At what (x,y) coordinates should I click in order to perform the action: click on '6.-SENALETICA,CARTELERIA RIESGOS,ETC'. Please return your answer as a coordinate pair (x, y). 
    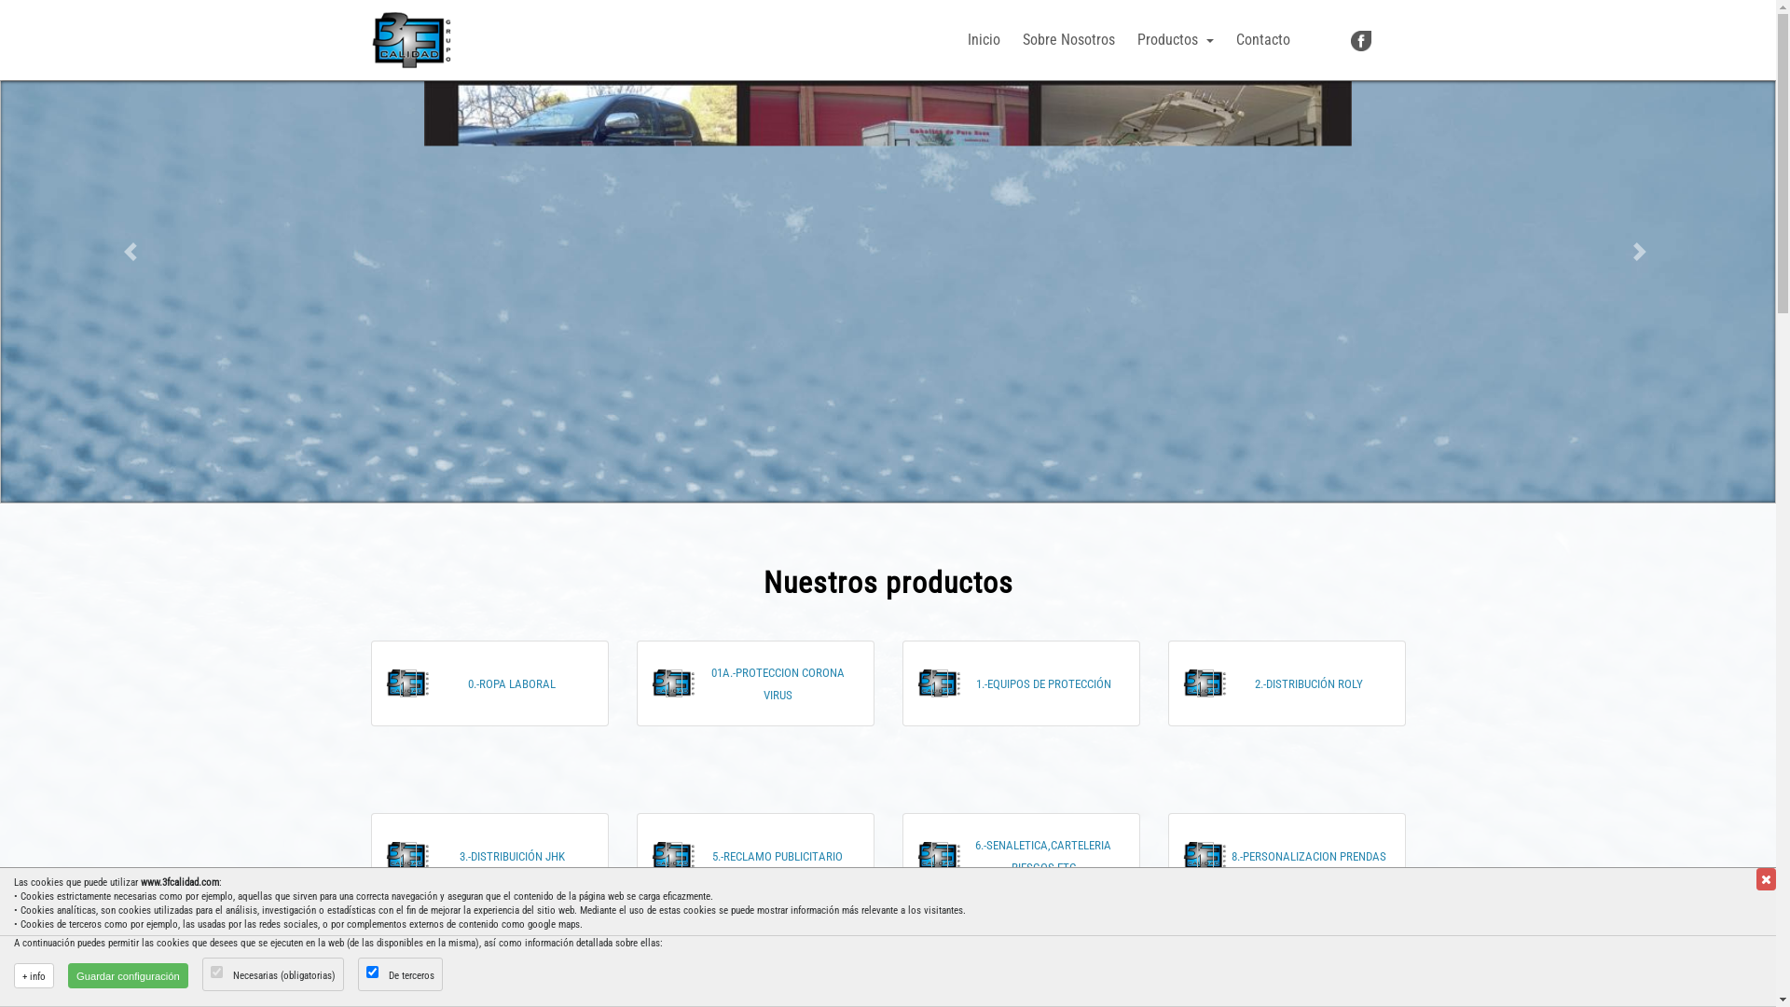
    Looking at the image, I should click on (1041, 855).